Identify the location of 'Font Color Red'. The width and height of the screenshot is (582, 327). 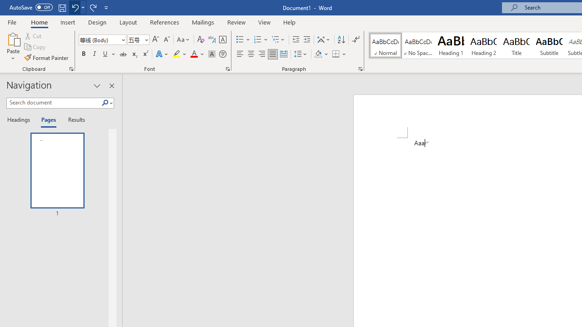
(193, 54).